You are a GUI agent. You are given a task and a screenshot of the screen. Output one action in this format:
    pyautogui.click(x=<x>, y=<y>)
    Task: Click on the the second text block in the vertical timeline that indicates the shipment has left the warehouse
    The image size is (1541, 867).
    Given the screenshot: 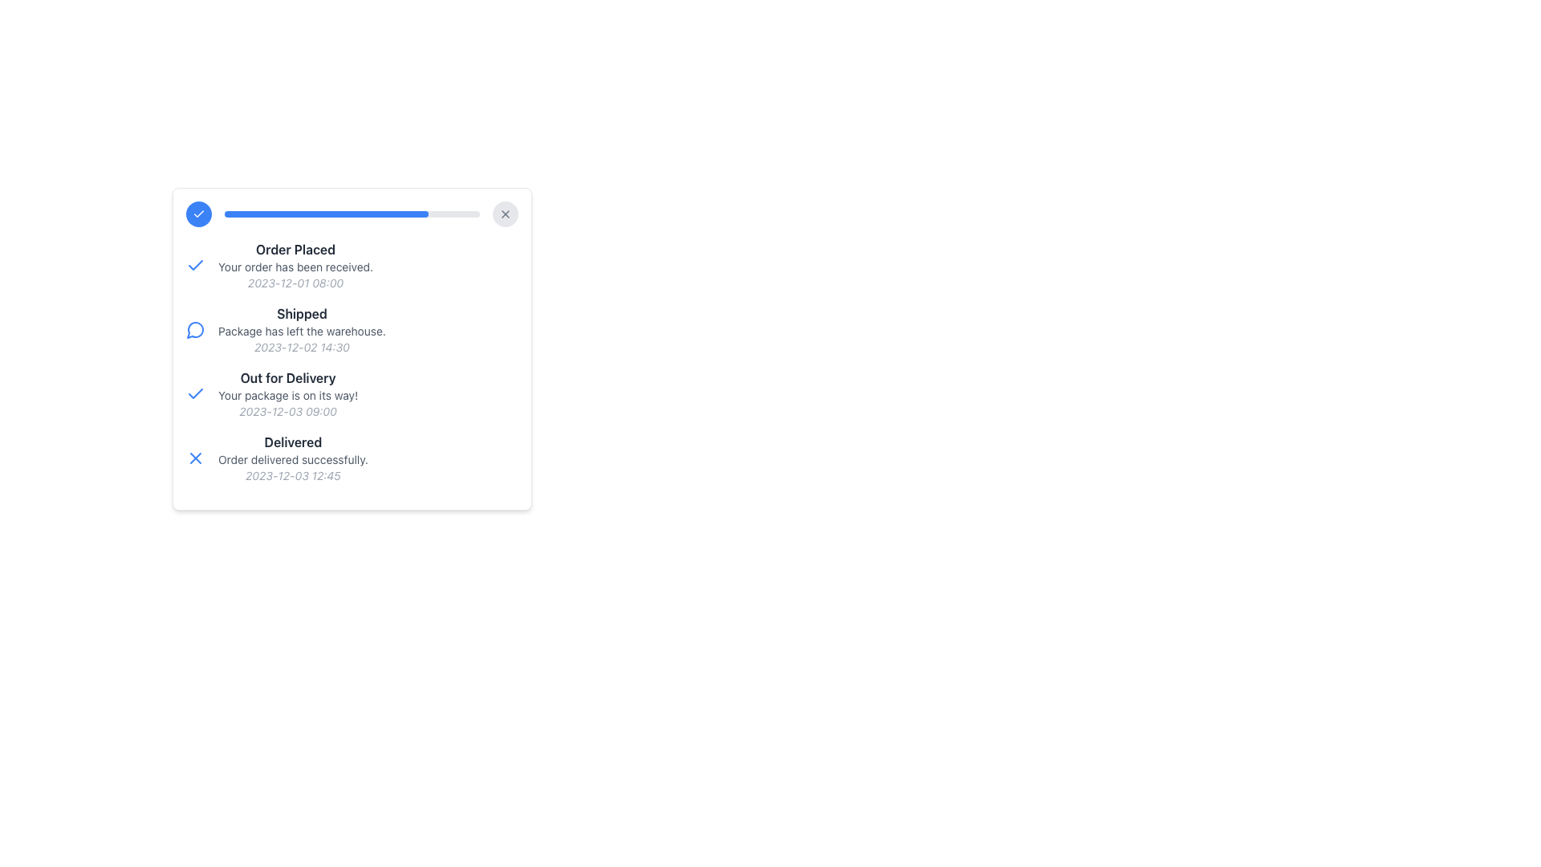 What is the action you would take?
    pyautogui.click(x=302, y=329)
    